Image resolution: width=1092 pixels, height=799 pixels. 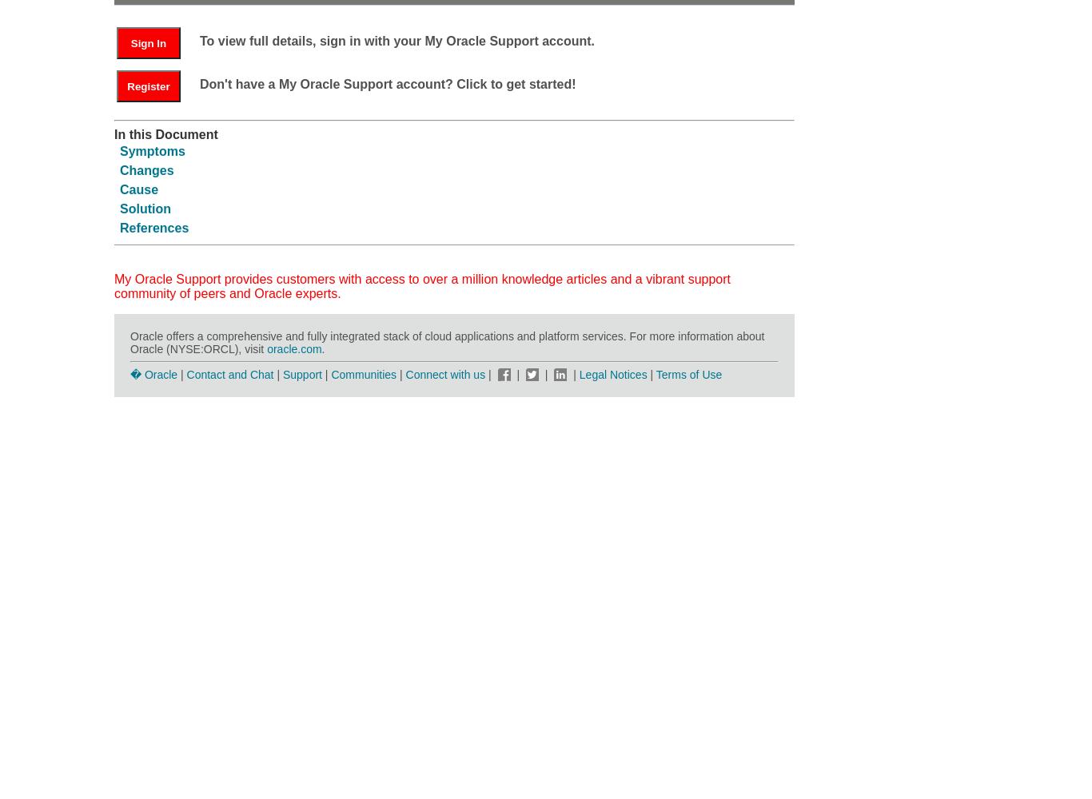 What do you see at coordinates (151, 150) in the screenshot?
I see `'Symptoms'` at bounding box center [151, 150].